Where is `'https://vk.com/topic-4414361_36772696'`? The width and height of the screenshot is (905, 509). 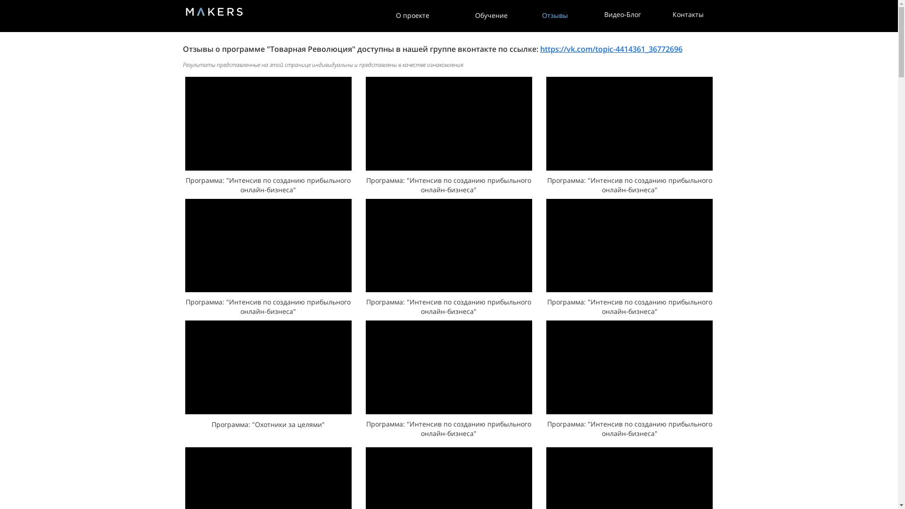
'https://vk.com/topic-4414361_36772696' is located at coordinates (611, 49).